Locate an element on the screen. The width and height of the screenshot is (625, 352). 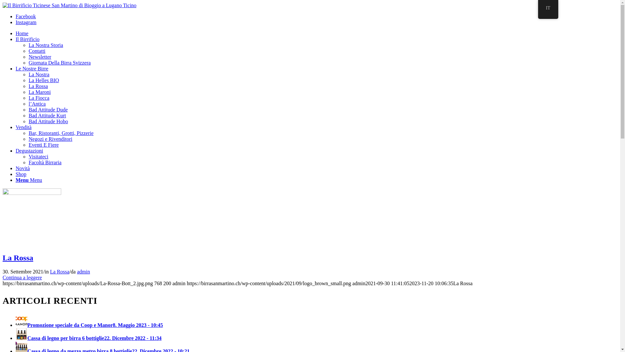
'La Nostra' is located at coordinates (39, 74).